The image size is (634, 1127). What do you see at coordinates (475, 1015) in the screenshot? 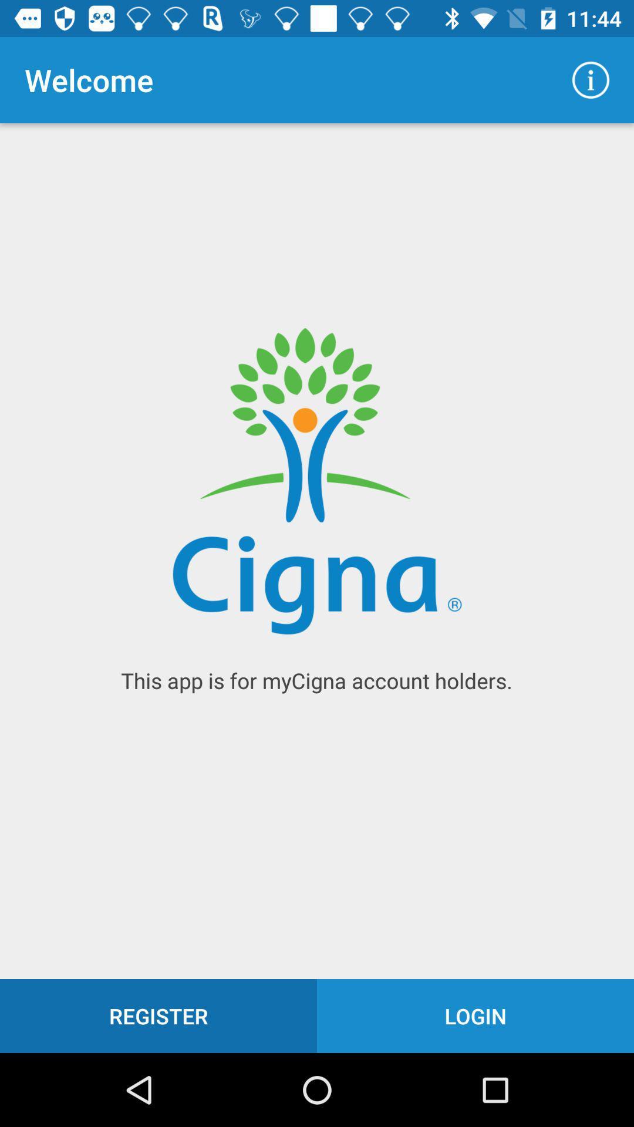
I see `login` at bounding box center [475, 1015].